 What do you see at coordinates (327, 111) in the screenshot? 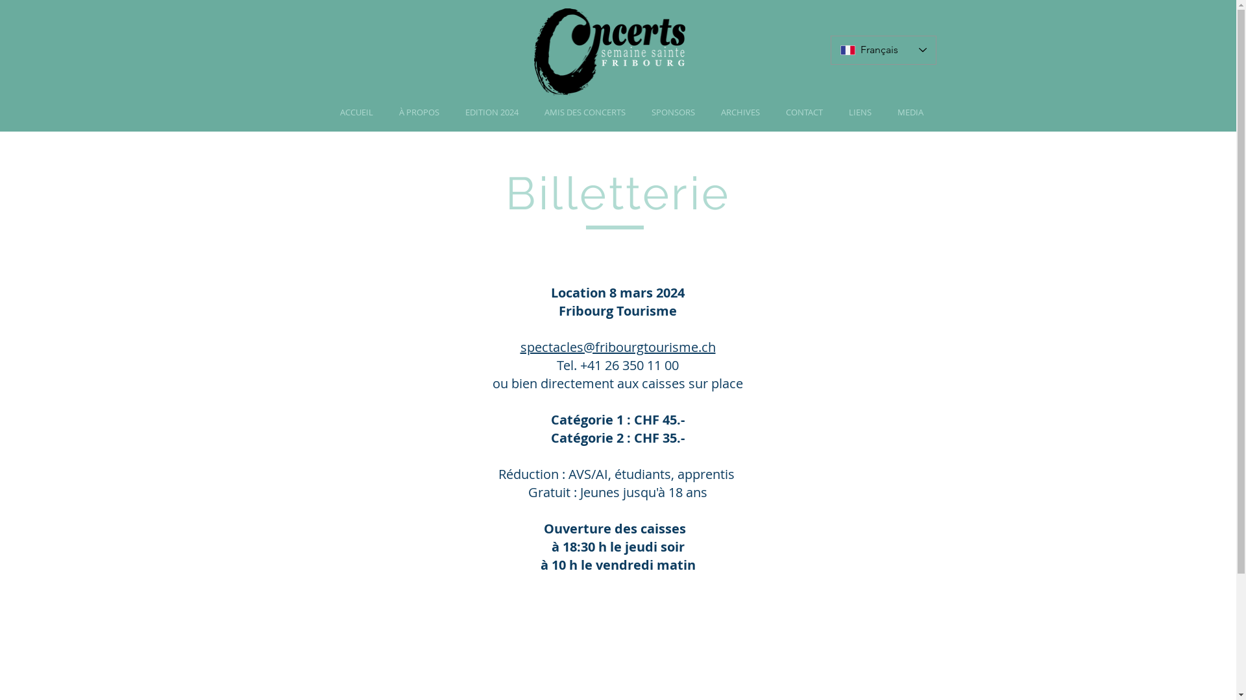
I see `'ACCUEIL'` at bounding box center [327, 111].